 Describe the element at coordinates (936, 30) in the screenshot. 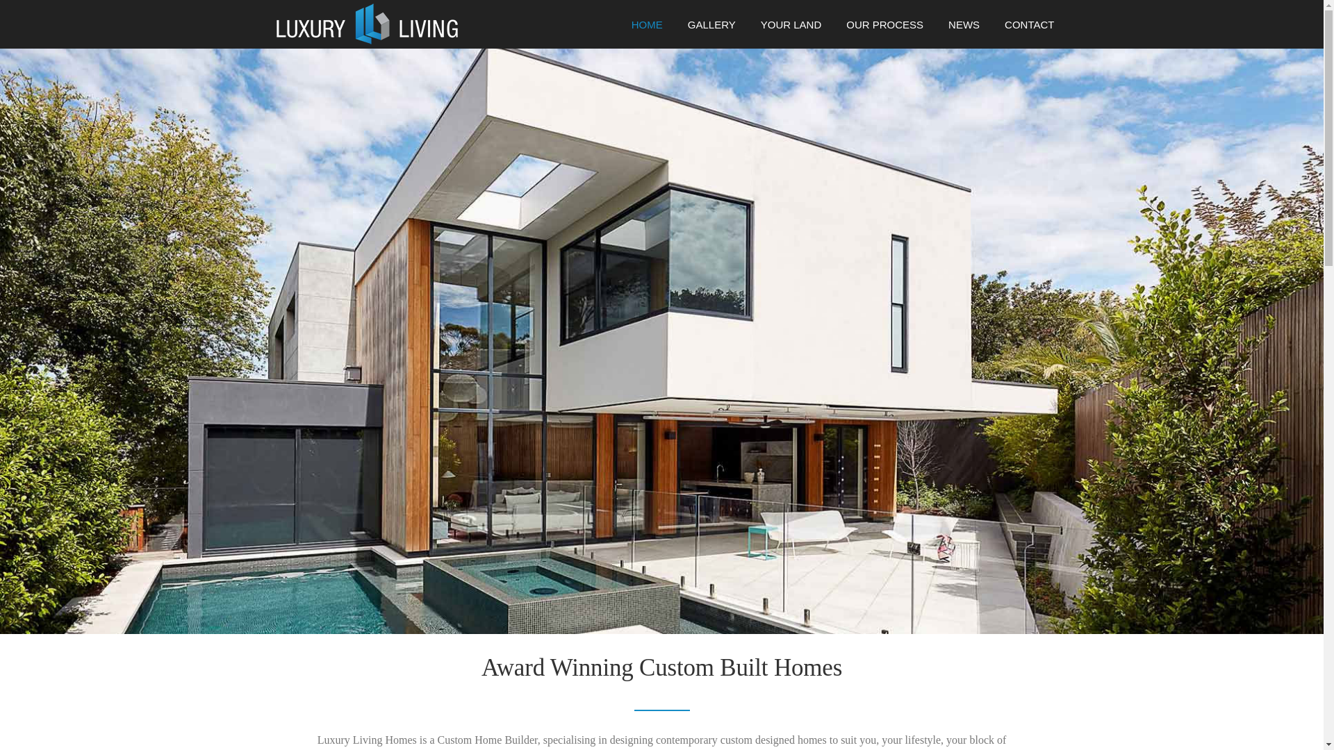

I see `'NEWS'` at that location.